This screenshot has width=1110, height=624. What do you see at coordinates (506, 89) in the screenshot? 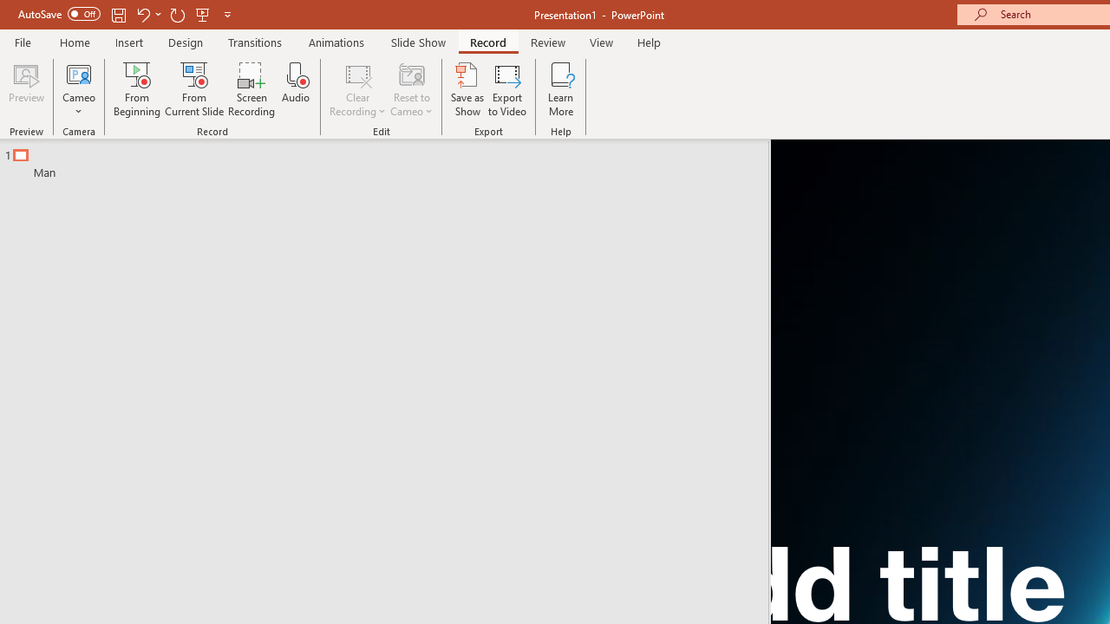
I see `'Export to Video'` at bounding box center [506, 89].